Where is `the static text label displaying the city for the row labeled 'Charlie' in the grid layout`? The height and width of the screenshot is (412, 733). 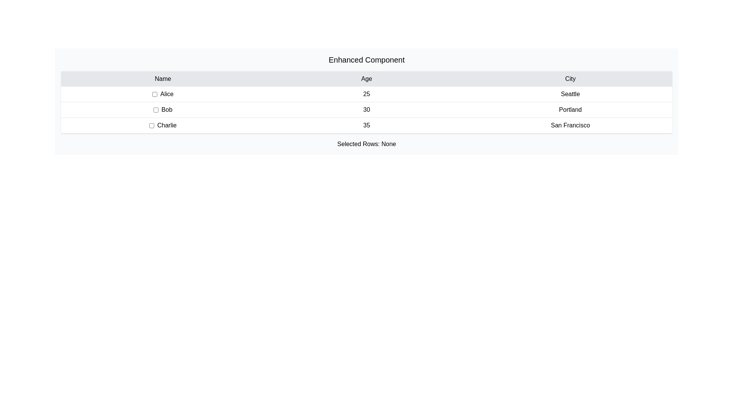
the static text label displaying the city for the row labeled 'Charlie' in the grid layout is located at coordinates (570, 125).